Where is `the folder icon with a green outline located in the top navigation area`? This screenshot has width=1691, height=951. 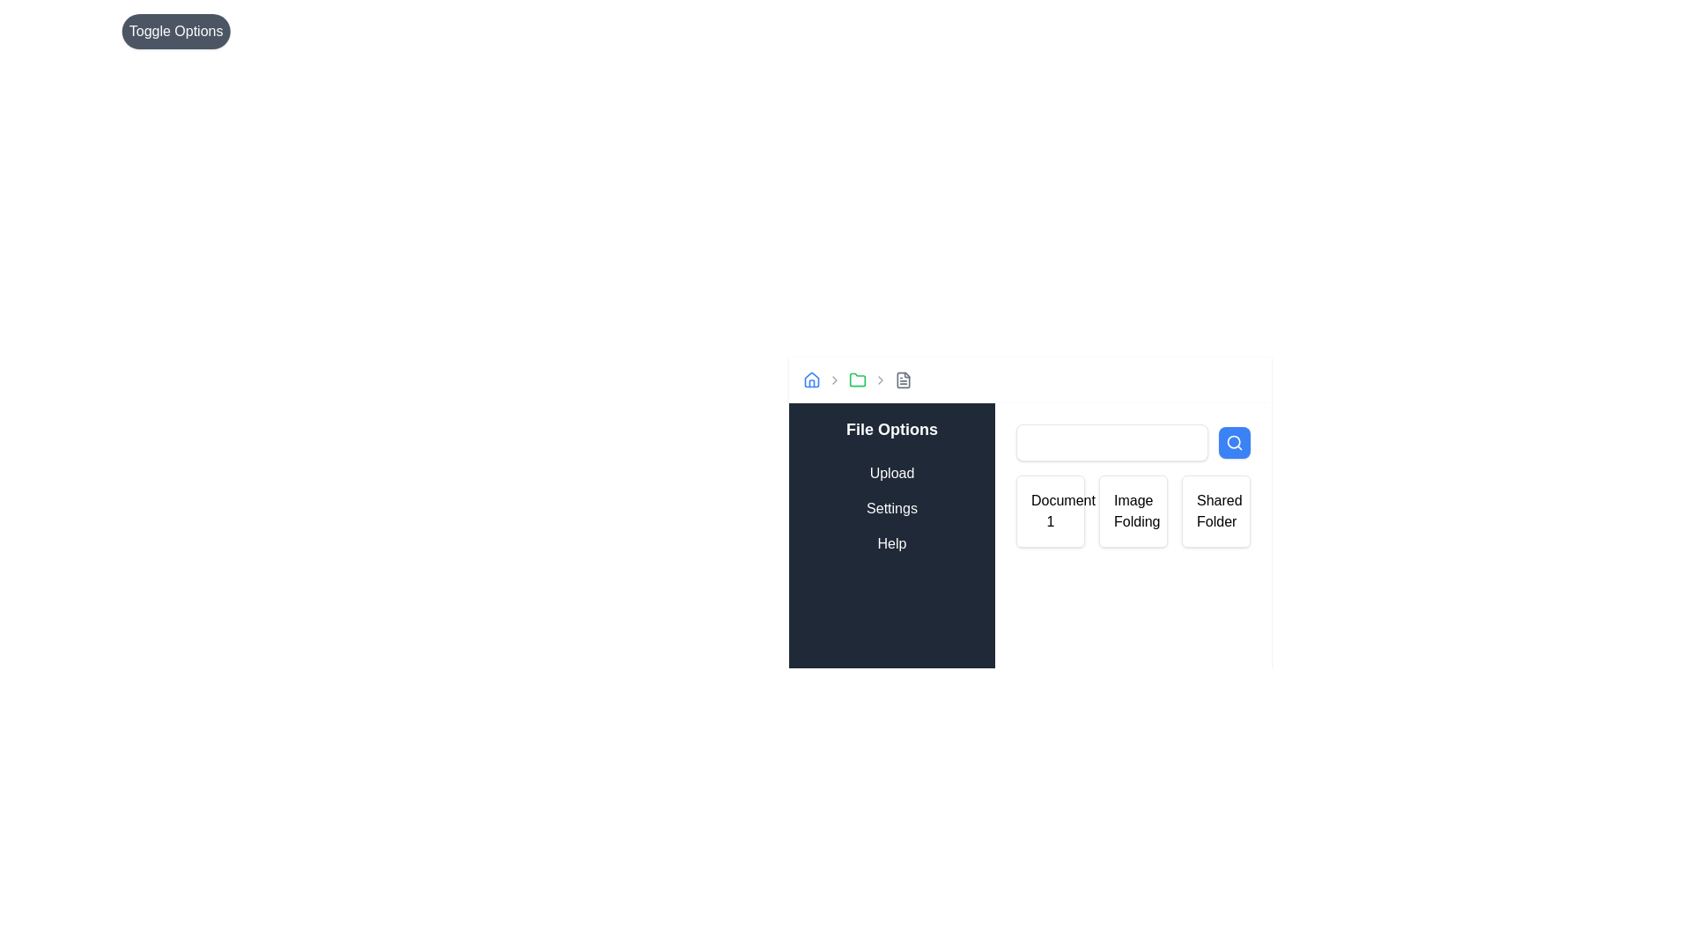
the folder icon with a green outline located in the top navigation area is located at coordinates (858, 379).